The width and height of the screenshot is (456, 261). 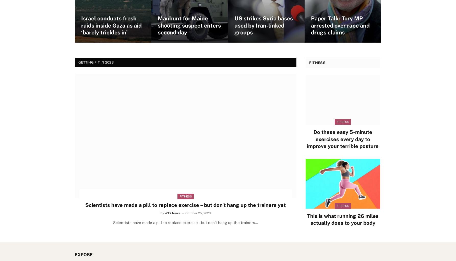 I want to click on 'Paper Talk: Tory MP arrested over rape and drugs claims', so click(x=340, y=25).